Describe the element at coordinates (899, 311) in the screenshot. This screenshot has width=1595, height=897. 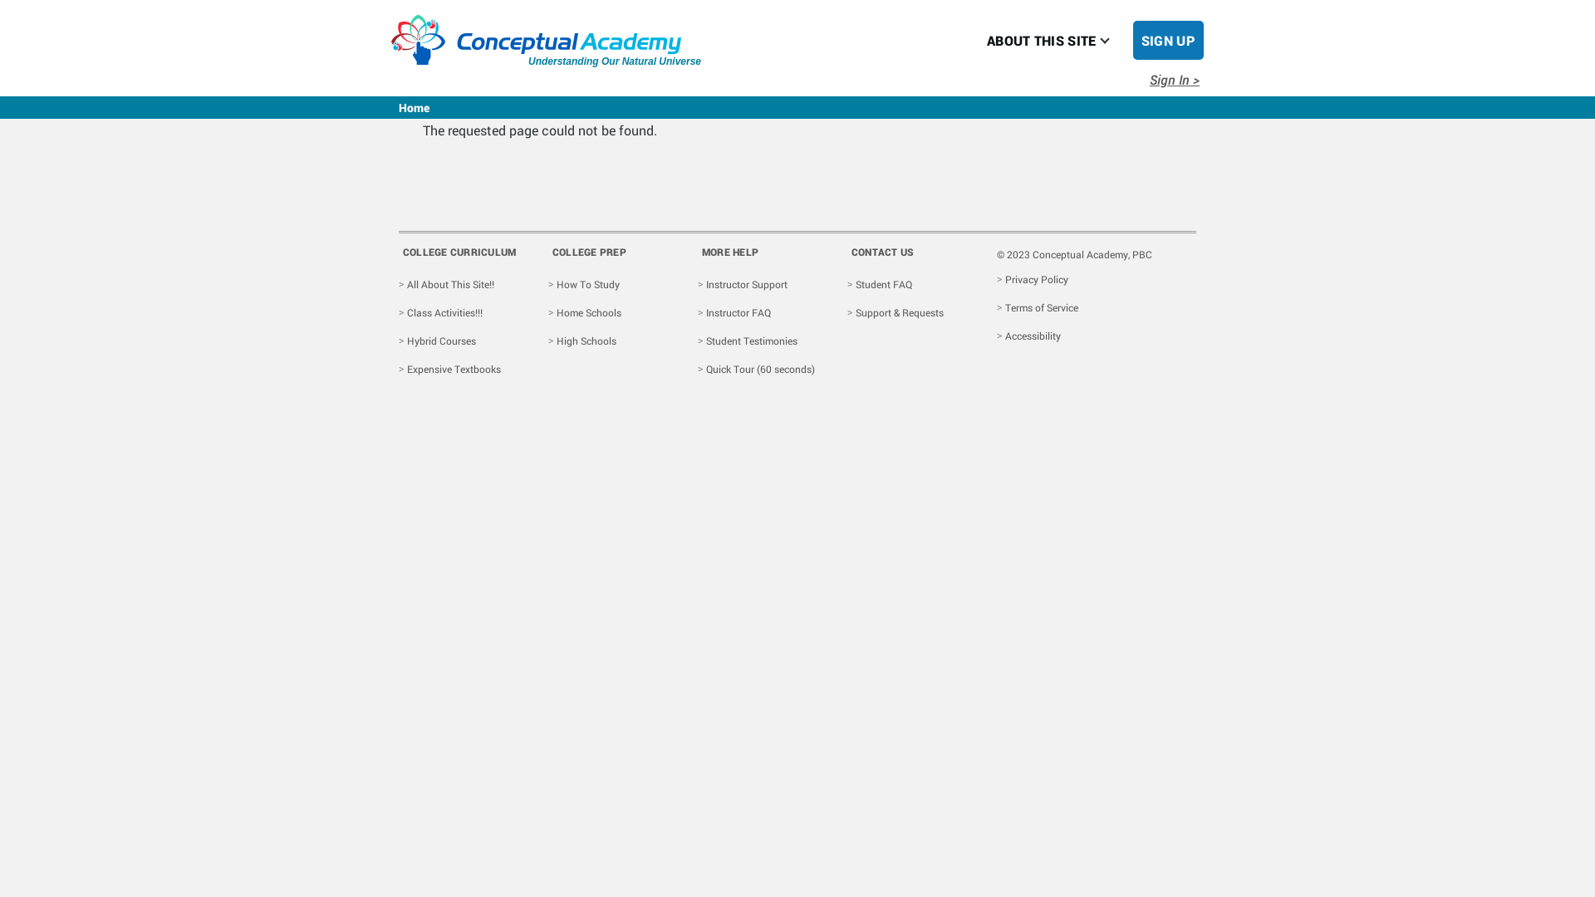
I see `'Support & Requests'` at that location.